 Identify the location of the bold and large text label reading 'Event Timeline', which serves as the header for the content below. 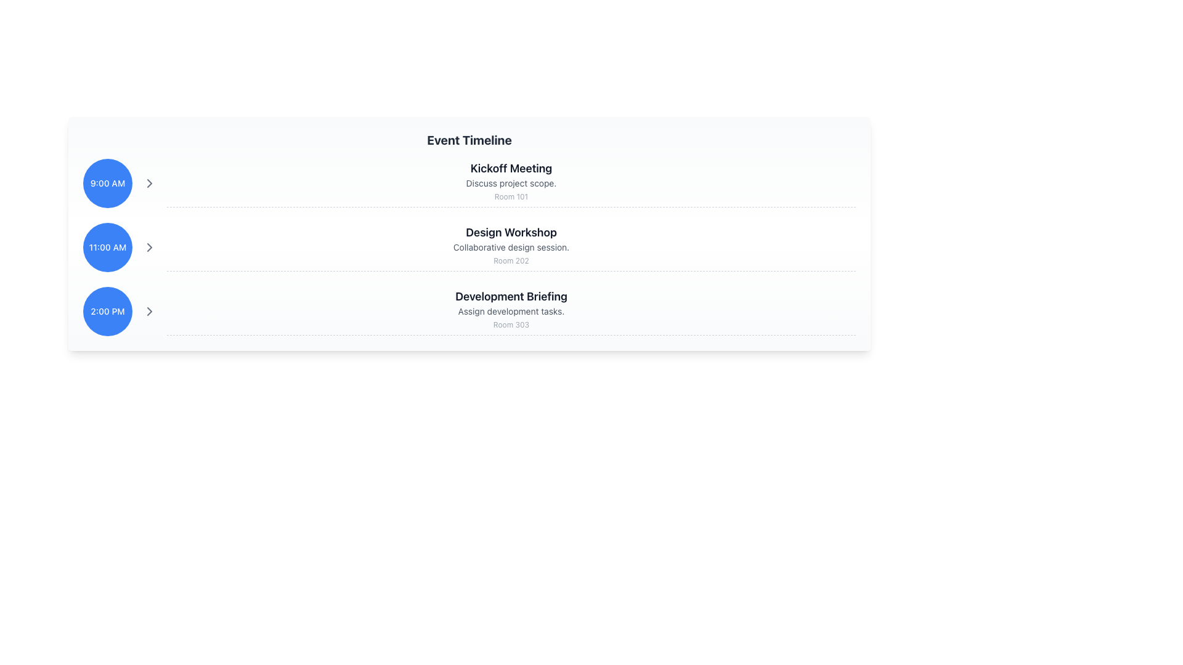
(469, 139).